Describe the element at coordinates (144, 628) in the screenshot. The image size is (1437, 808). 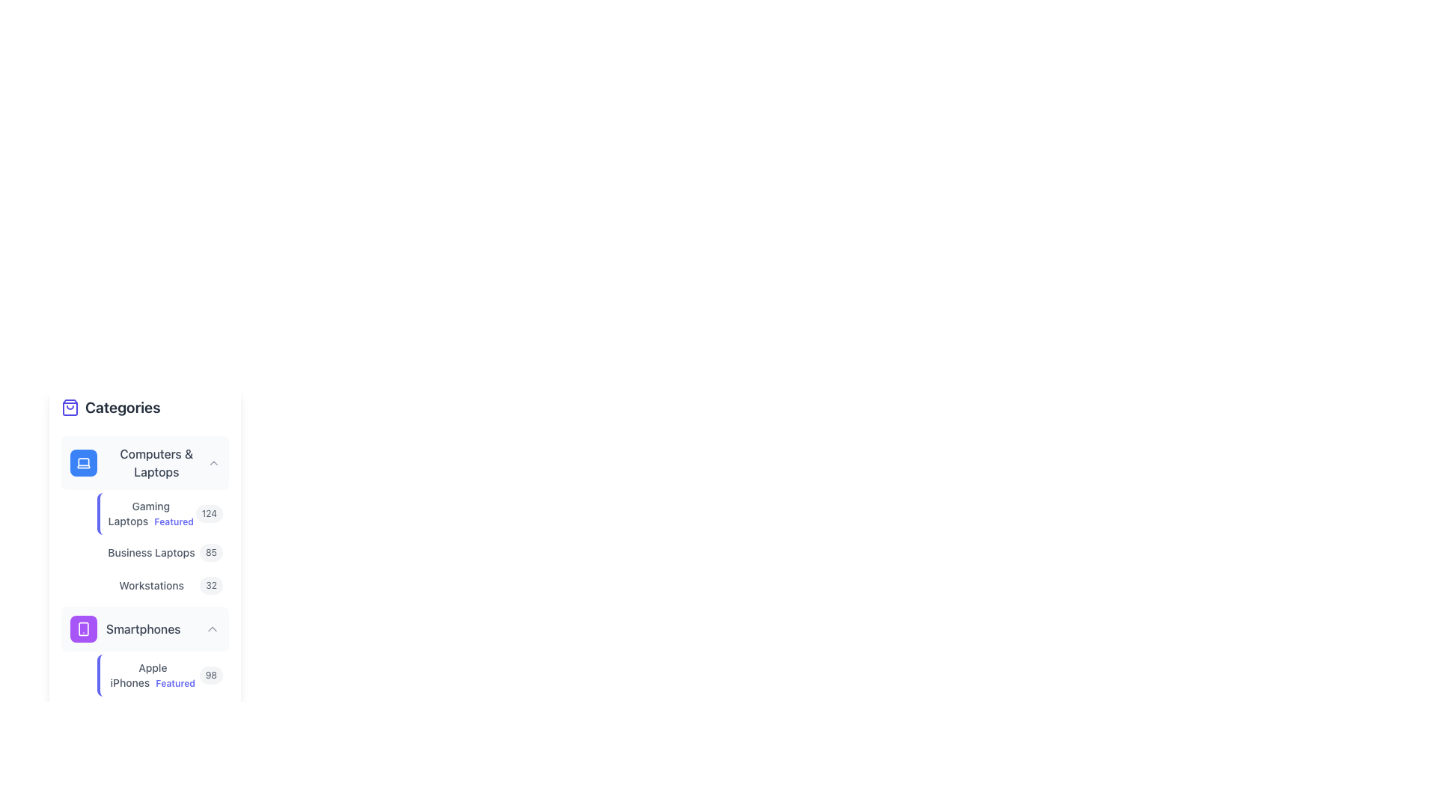
I see `the chevron-down icon on the 'Smartphones' collapsible navigation menu item` at that location.